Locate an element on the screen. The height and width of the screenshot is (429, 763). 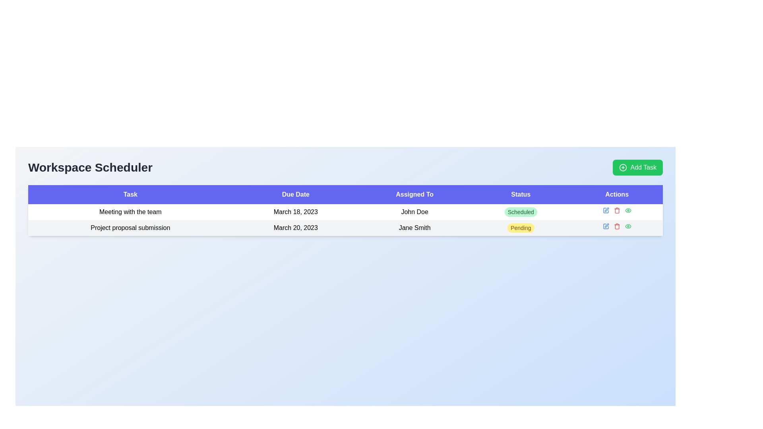
the action button in the 'Actions' column of the second row in the table is located at coordinates (627, 226).